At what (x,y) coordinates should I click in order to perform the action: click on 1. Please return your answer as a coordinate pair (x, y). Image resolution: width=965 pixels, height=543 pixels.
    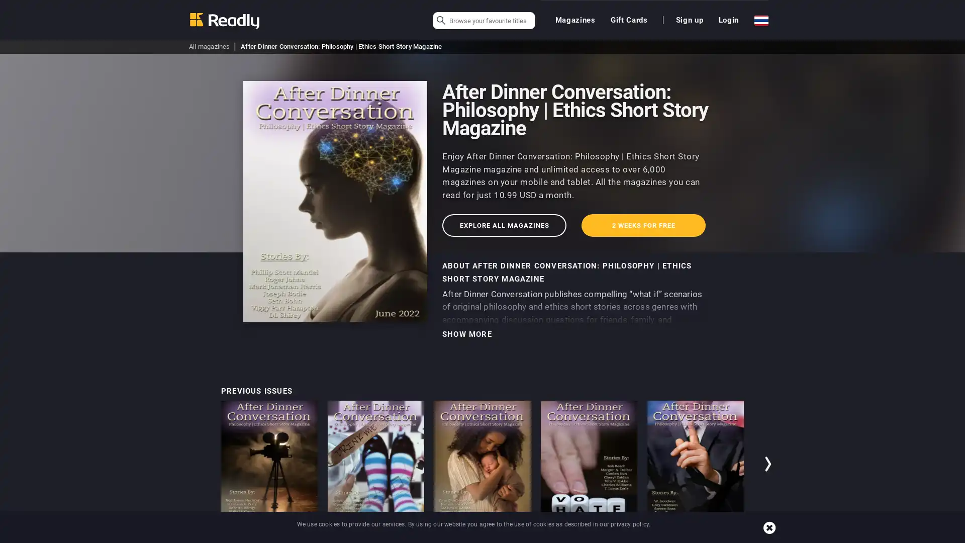
    Looking at the image, I should click on (679, 536).